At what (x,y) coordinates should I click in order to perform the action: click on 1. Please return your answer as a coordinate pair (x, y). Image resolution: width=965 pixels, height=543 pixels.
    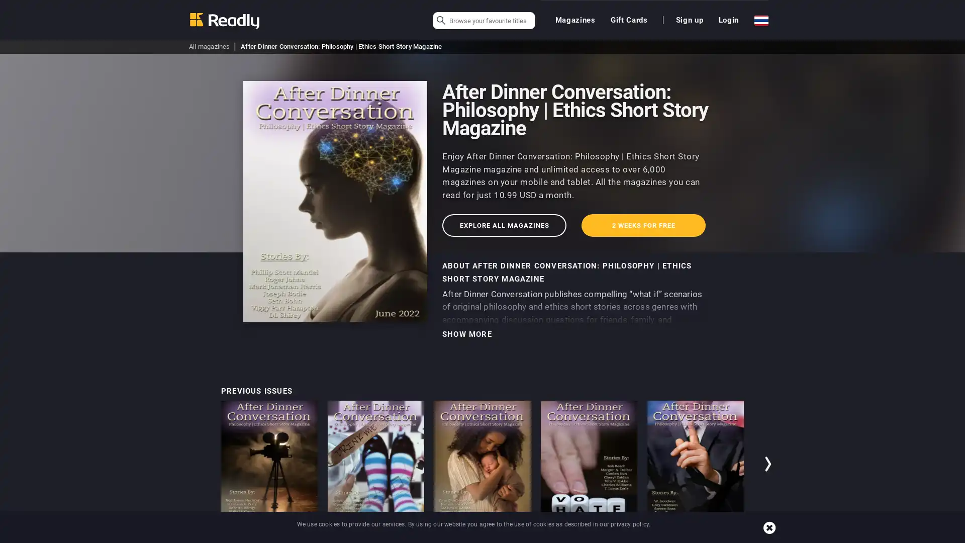
    Looking at the image, I should click on (679, 536).